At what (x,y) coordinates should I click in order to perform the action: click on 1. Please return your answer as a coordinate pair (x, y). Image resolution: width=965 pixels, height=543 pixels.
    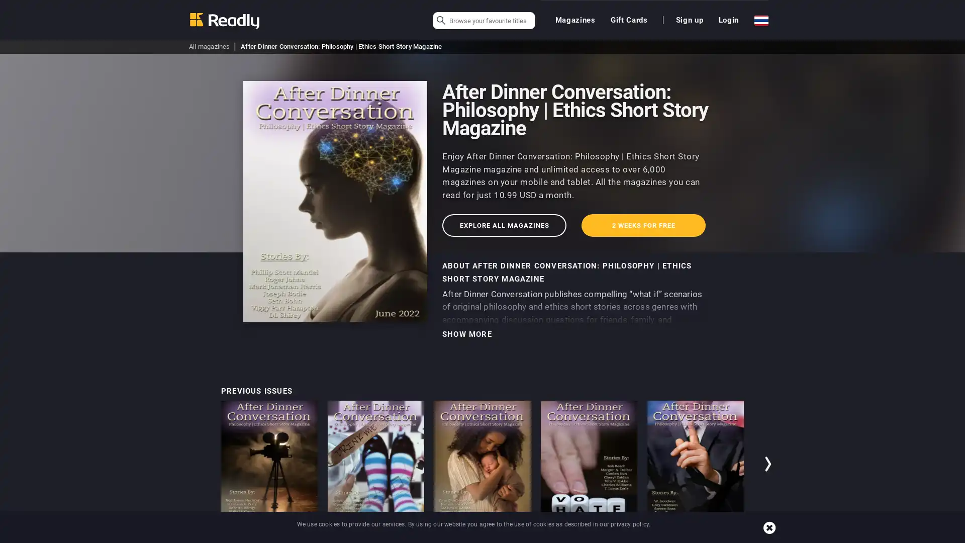
    Looking at the image, I should click on (679, 536).